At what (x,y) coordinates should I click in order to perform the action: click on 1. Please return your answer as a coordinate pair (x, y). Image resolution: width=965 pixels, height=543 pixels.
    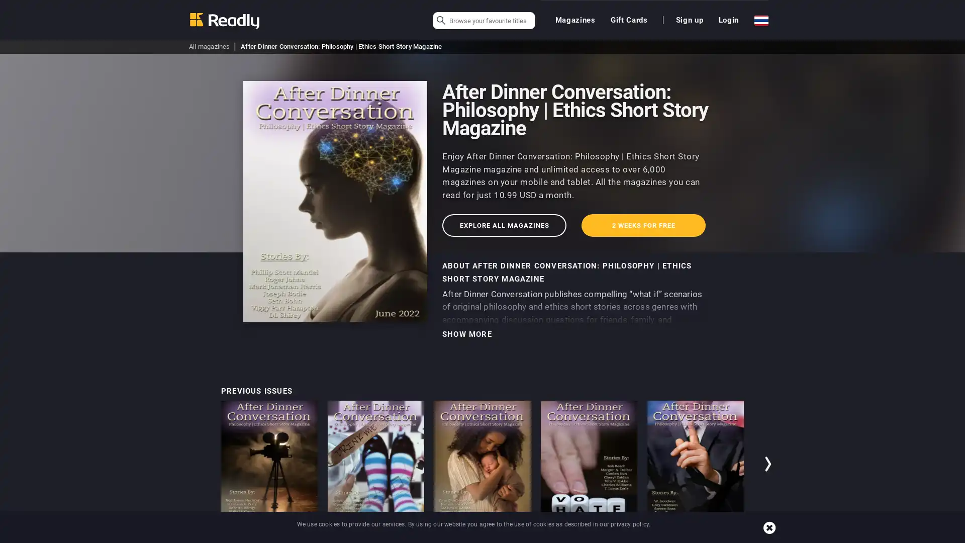
    Looking at the image, I should click on (679, 536).